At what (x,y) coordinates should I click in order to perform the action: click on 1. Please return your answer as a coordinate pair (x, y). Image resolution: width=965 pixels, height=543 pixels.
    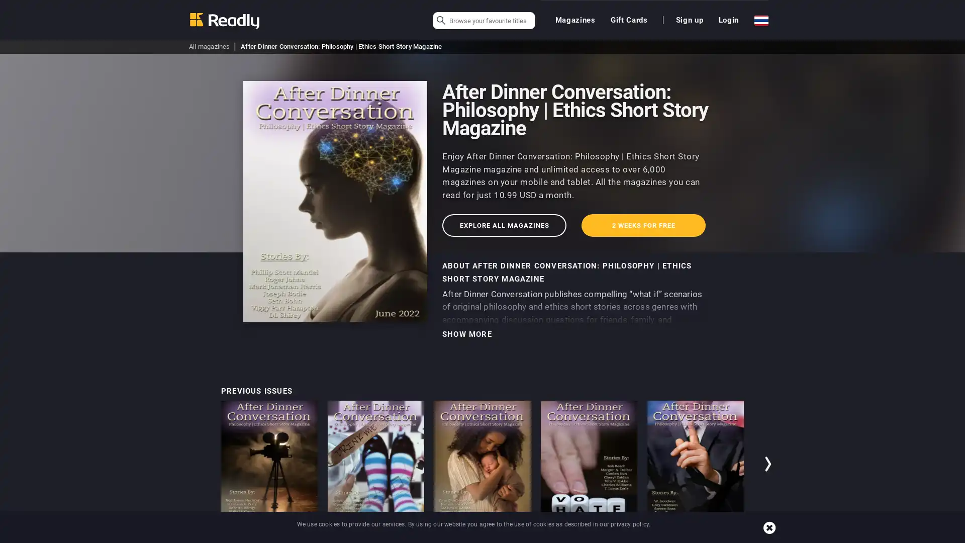
    Looking at the image, I should click on (679, 536).